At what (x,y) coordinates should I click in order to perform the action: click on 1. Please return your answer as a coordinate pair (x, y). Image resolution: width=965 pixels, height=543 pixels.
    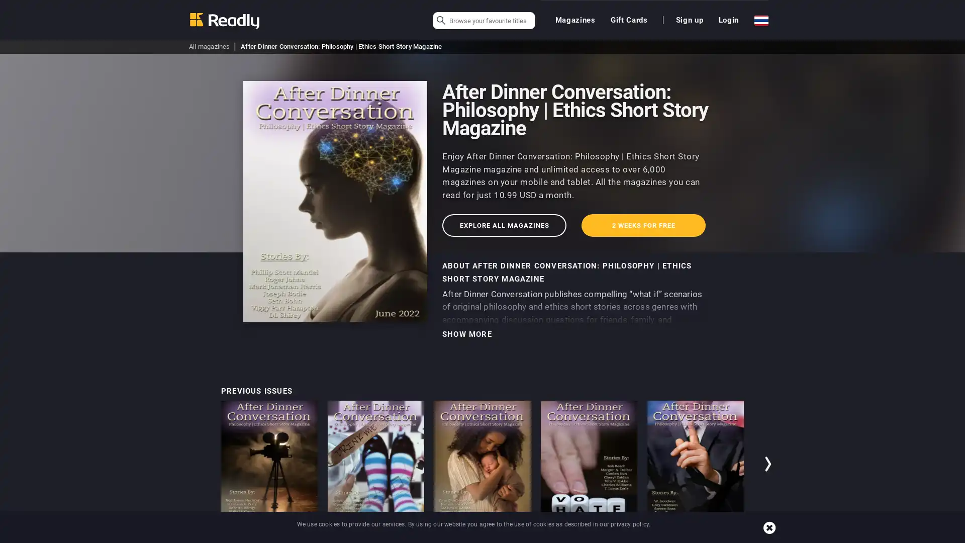
    Looking at the image, I should click on (679, 536).